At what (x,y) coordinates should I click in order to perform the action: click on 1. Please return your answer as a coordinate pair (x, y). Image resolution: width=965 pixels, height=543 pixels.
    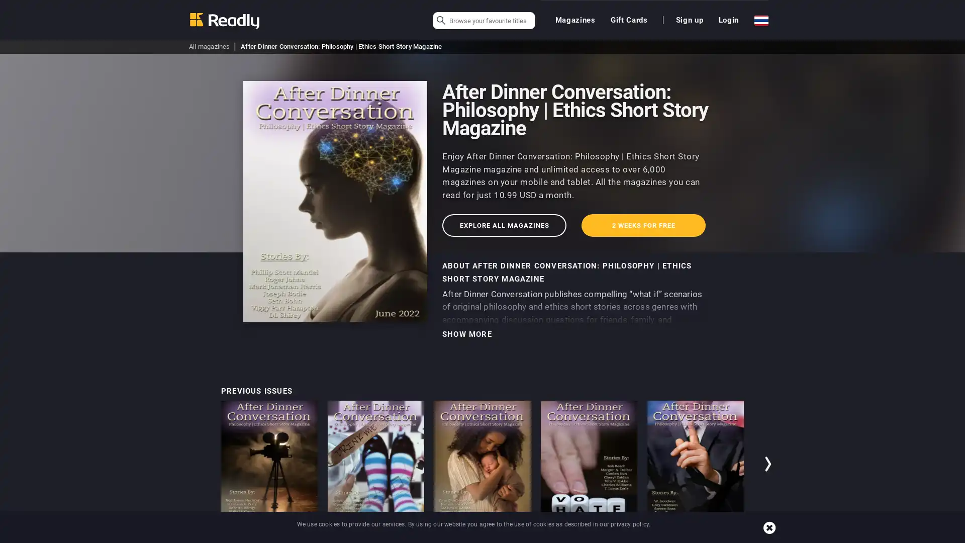
    Looking at the image, I should click on (679, 536).